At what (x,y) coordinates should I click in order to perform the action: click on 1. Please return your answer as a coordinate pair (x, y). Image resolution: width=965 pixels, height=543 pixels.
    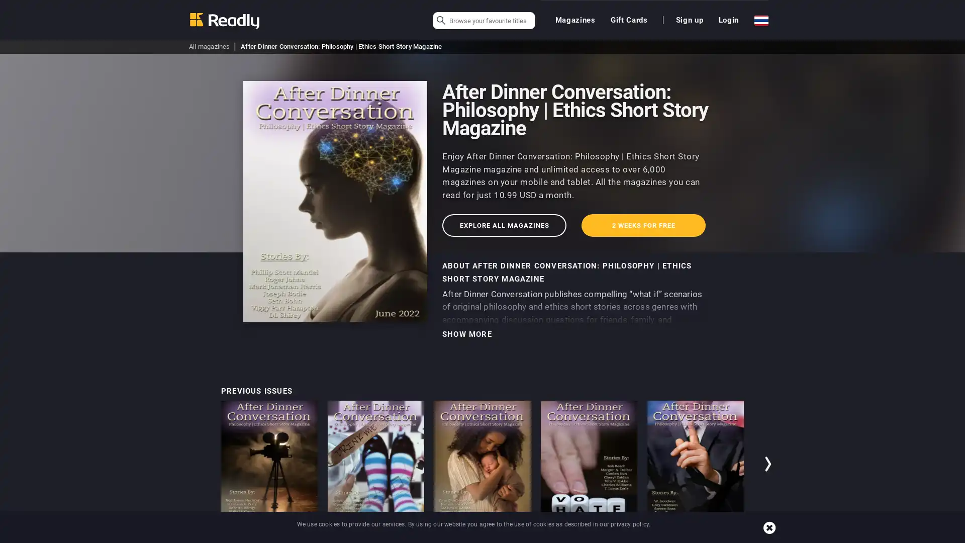
    Looking at the image, I should click on (679, 536).